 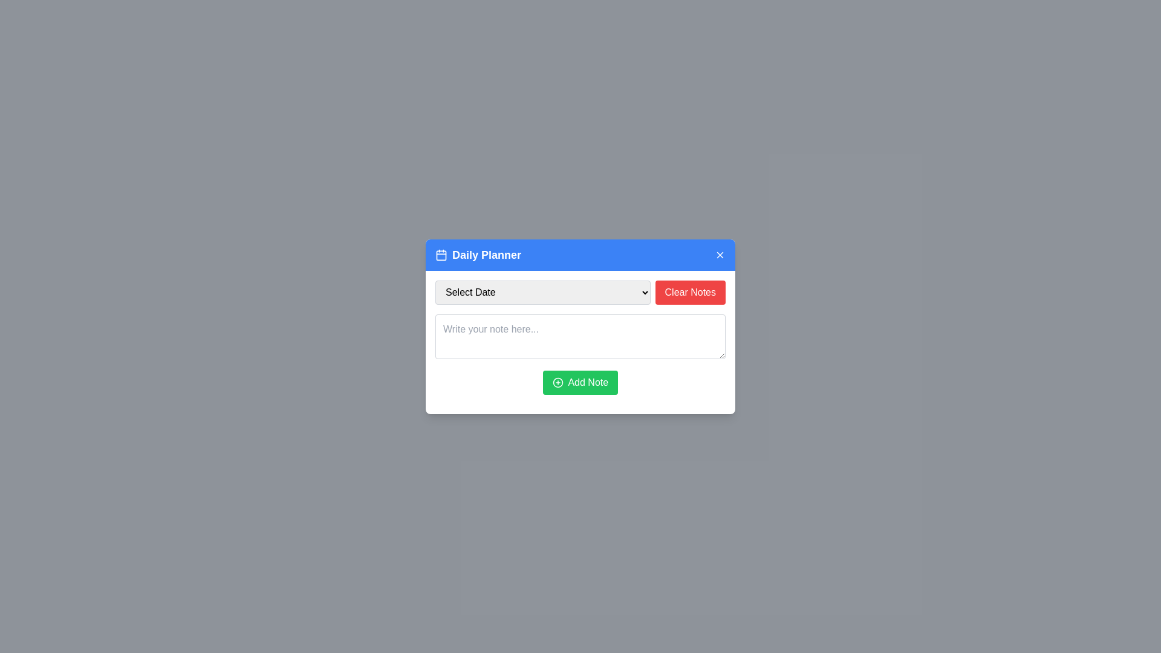 I want to click on the small button in the top-right corner of the 'Daily Planner' header that contains an 'X' icon, so click(x=720, y=253).